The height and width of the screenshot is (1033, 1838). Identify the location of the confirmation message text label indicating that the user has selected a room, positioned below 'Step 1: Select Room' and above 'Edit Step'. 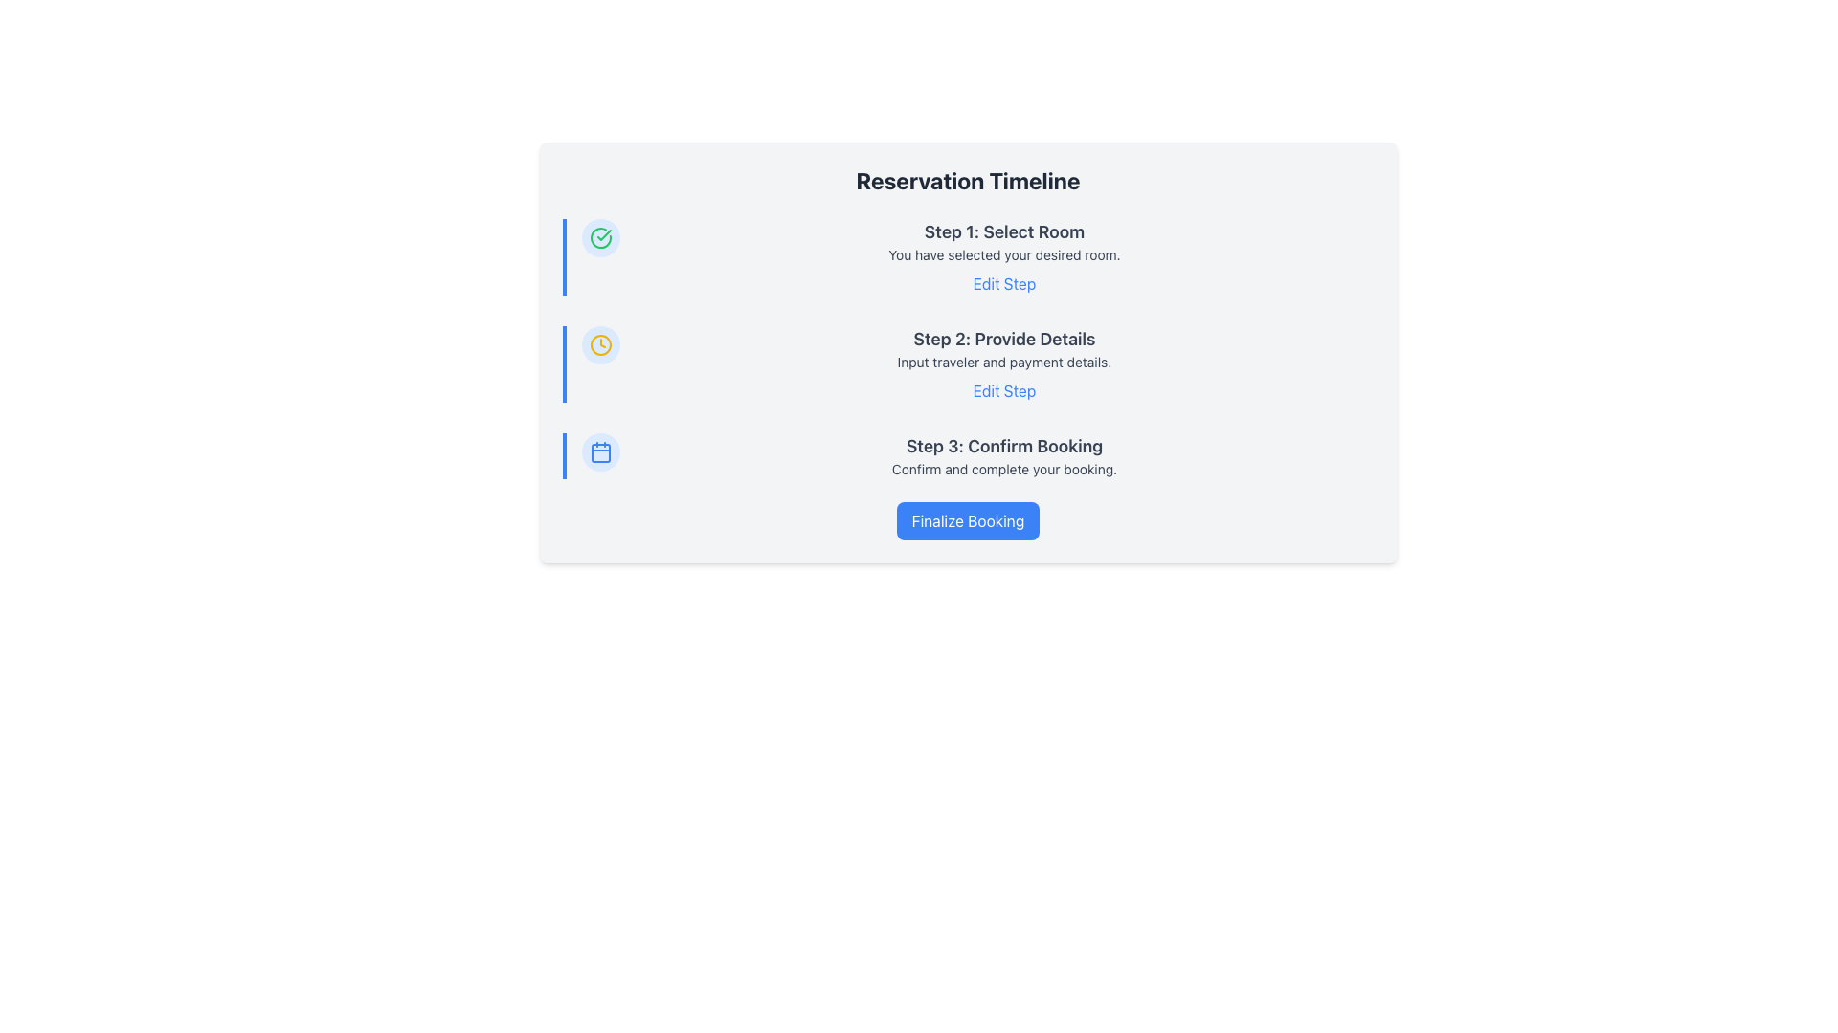
(1003, 253).